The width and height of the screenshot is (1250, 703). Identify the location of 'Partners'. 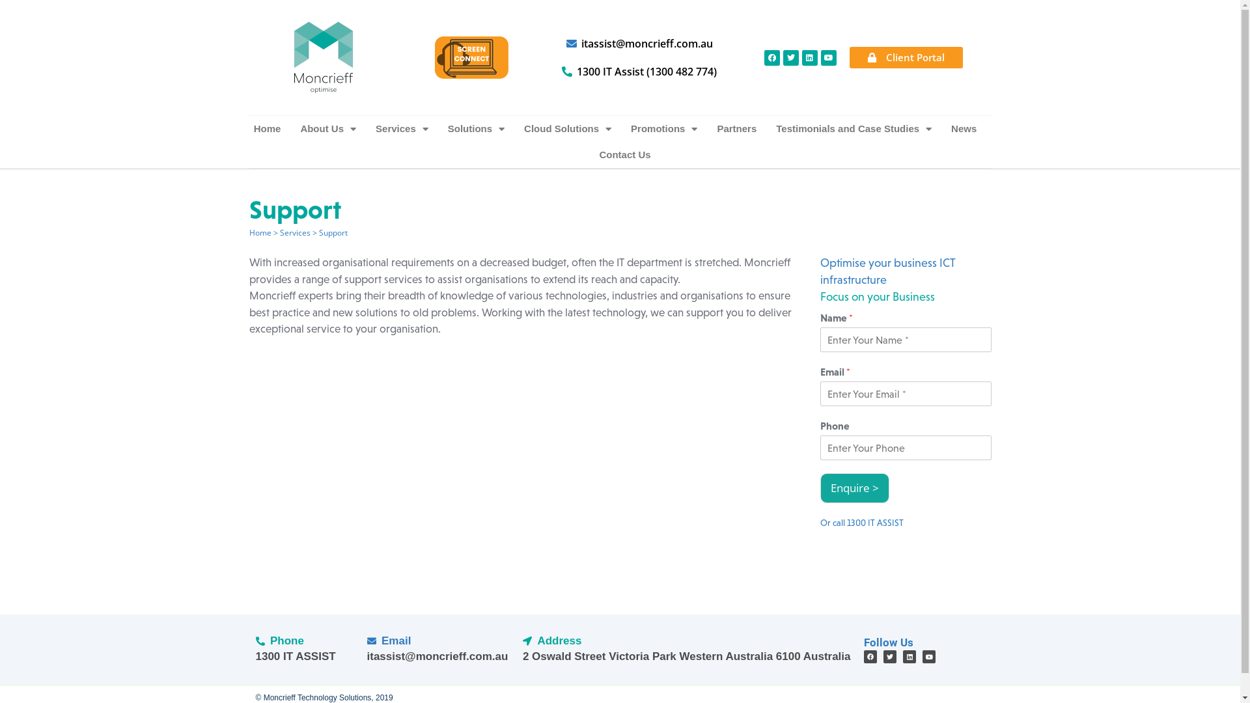
(715, 128).